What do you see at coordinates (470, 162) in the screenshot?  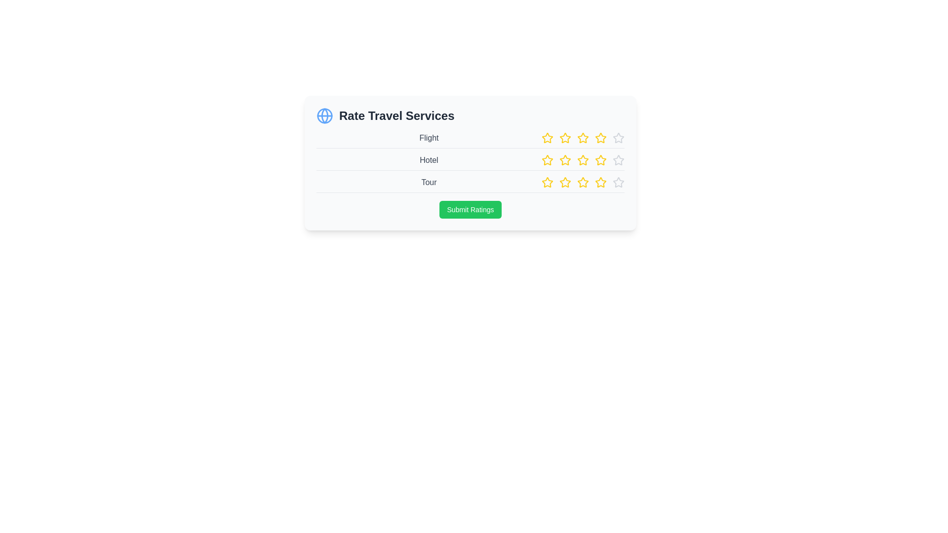 I see `the star in the 'Hotel' category rating component` at bounding box center [470, 162].